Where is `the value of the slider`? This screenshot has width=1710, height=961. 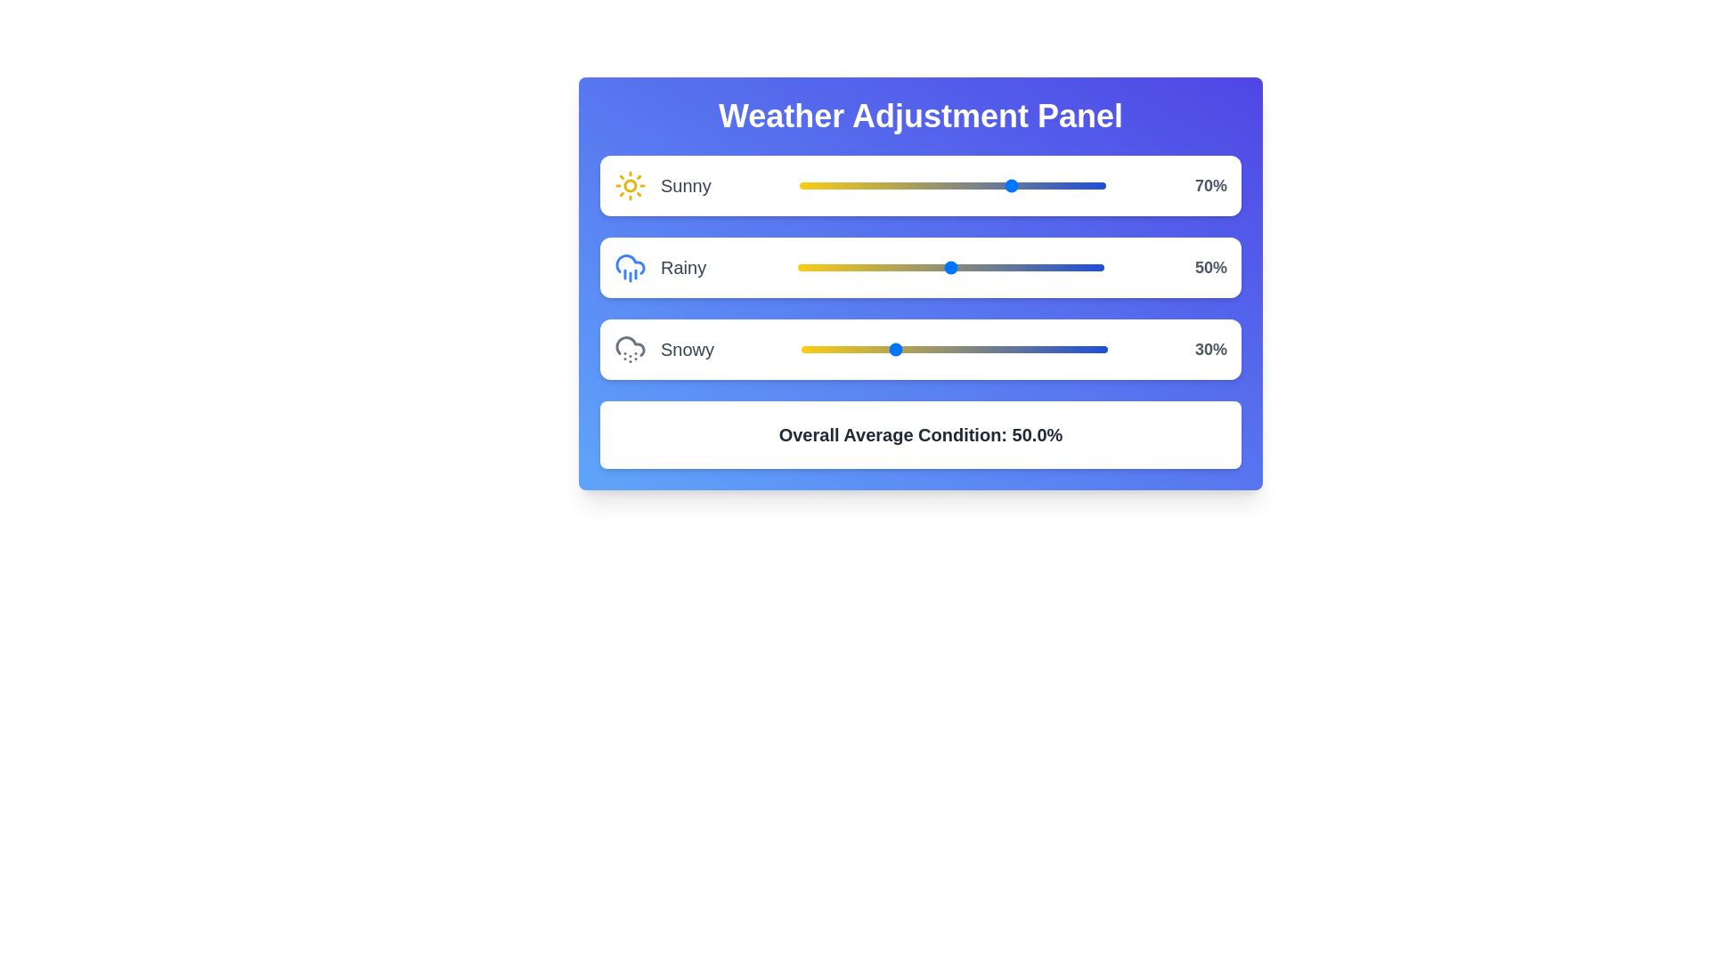
the value of the slider is located at coordinates (938, 350).